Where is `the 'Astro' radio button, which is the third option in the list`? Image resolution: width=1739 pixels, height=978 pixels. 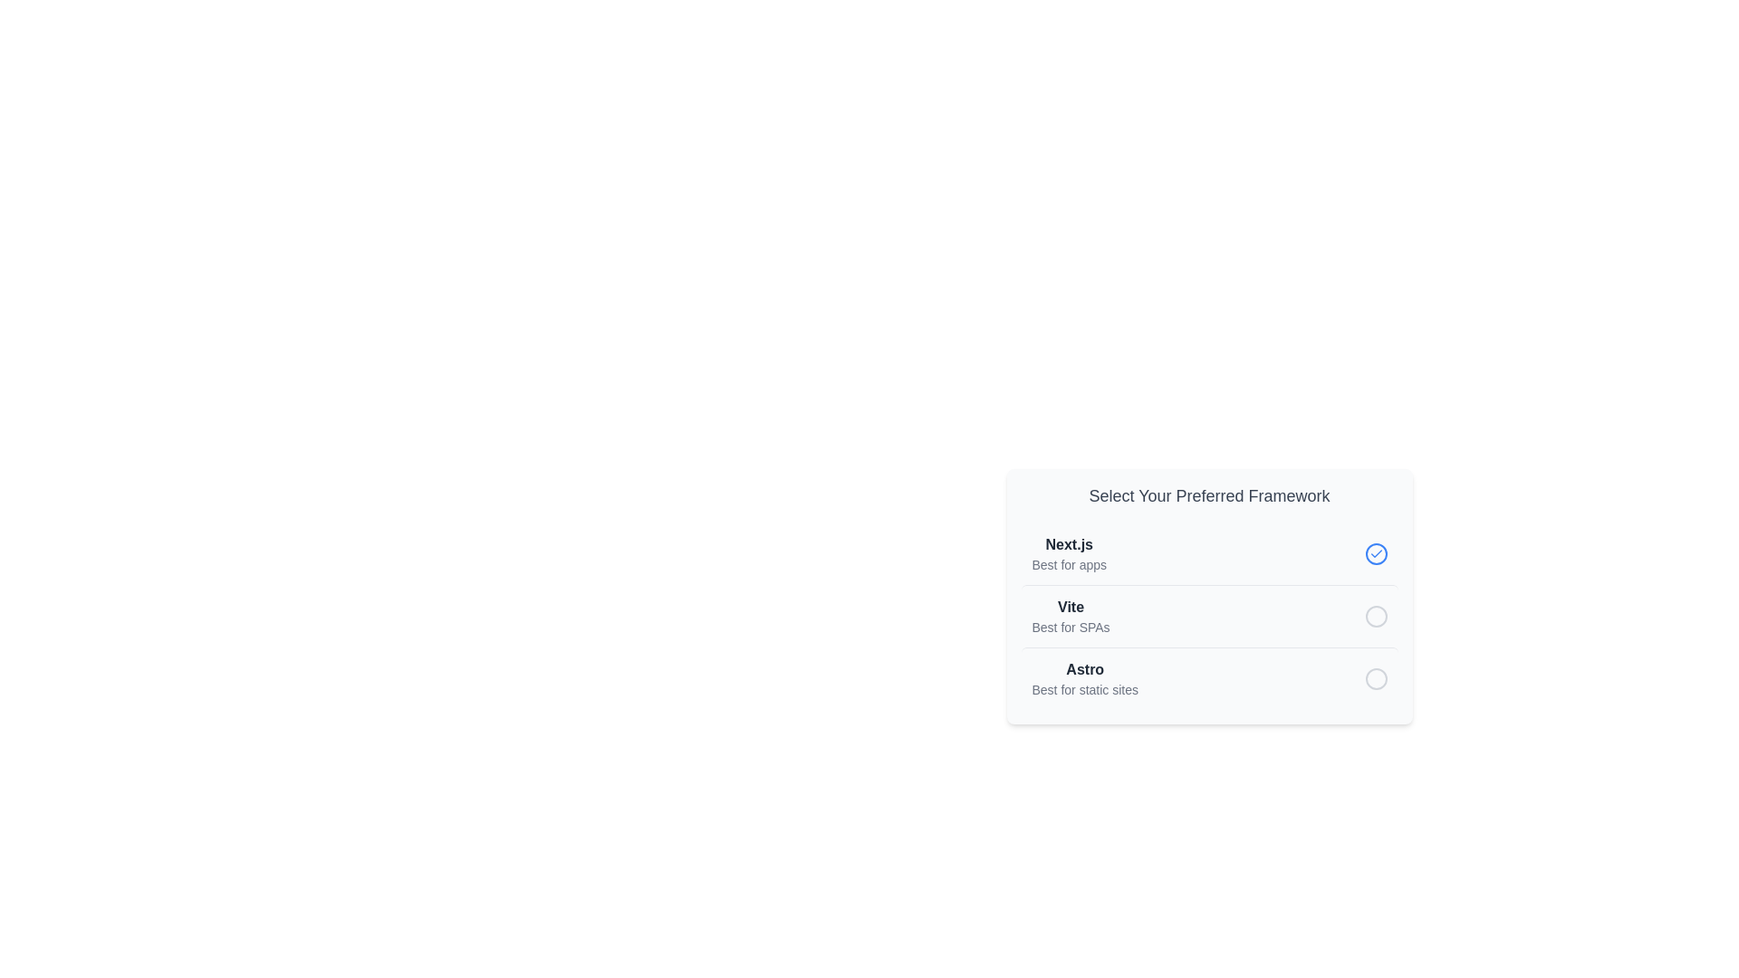
the 'Astro' radio button, which is the third option in the list is located at coordinates (1376, 678).